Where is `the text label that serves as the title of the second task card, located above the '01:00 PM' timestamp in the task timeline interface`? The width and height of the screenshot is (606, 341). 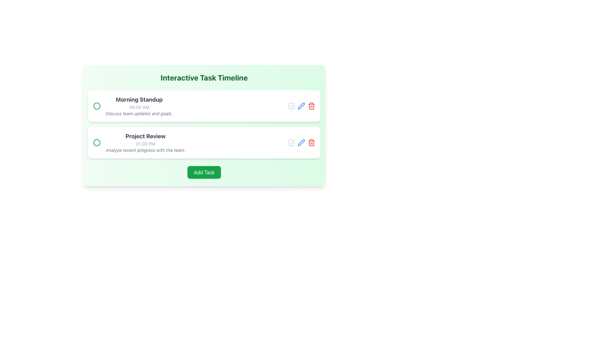
the text label that serves as the title of the second task card, located above the '01:00 PM' timestamp in the task timeline interface is located at coordinates (145, 136).